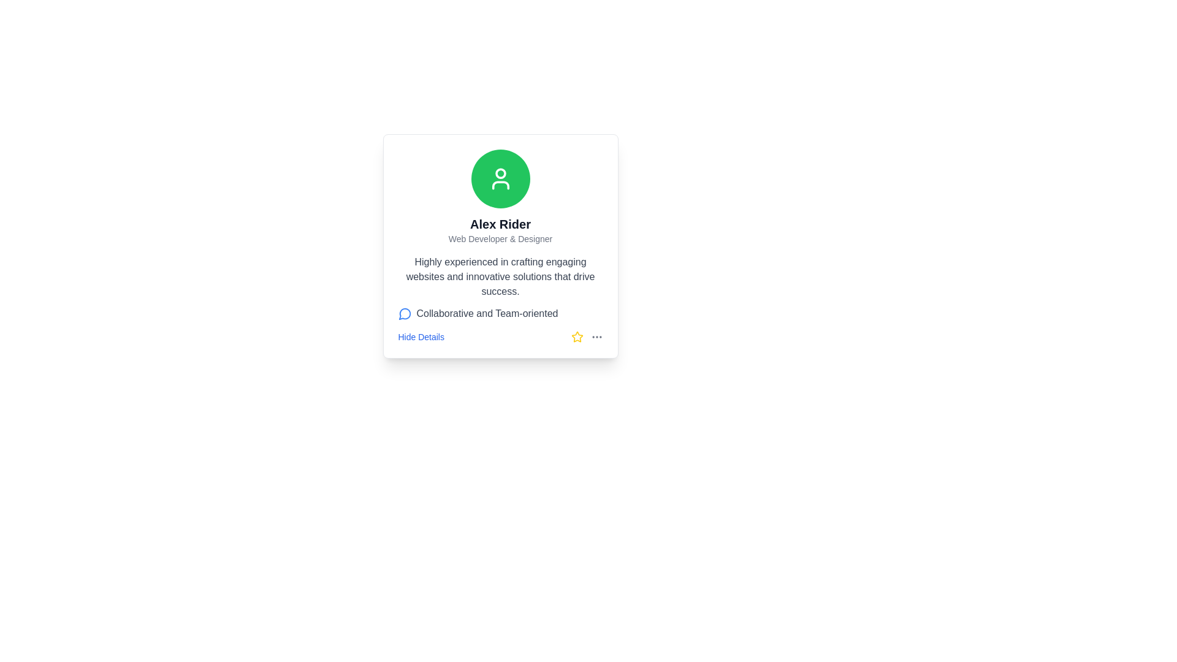 The image size is (1177, 662). Describe the element at coordinates (421, 337) in the screenshot. I see `the blue-colored text link labeled 'Hide Details' to trigger the underline effect` at that location.